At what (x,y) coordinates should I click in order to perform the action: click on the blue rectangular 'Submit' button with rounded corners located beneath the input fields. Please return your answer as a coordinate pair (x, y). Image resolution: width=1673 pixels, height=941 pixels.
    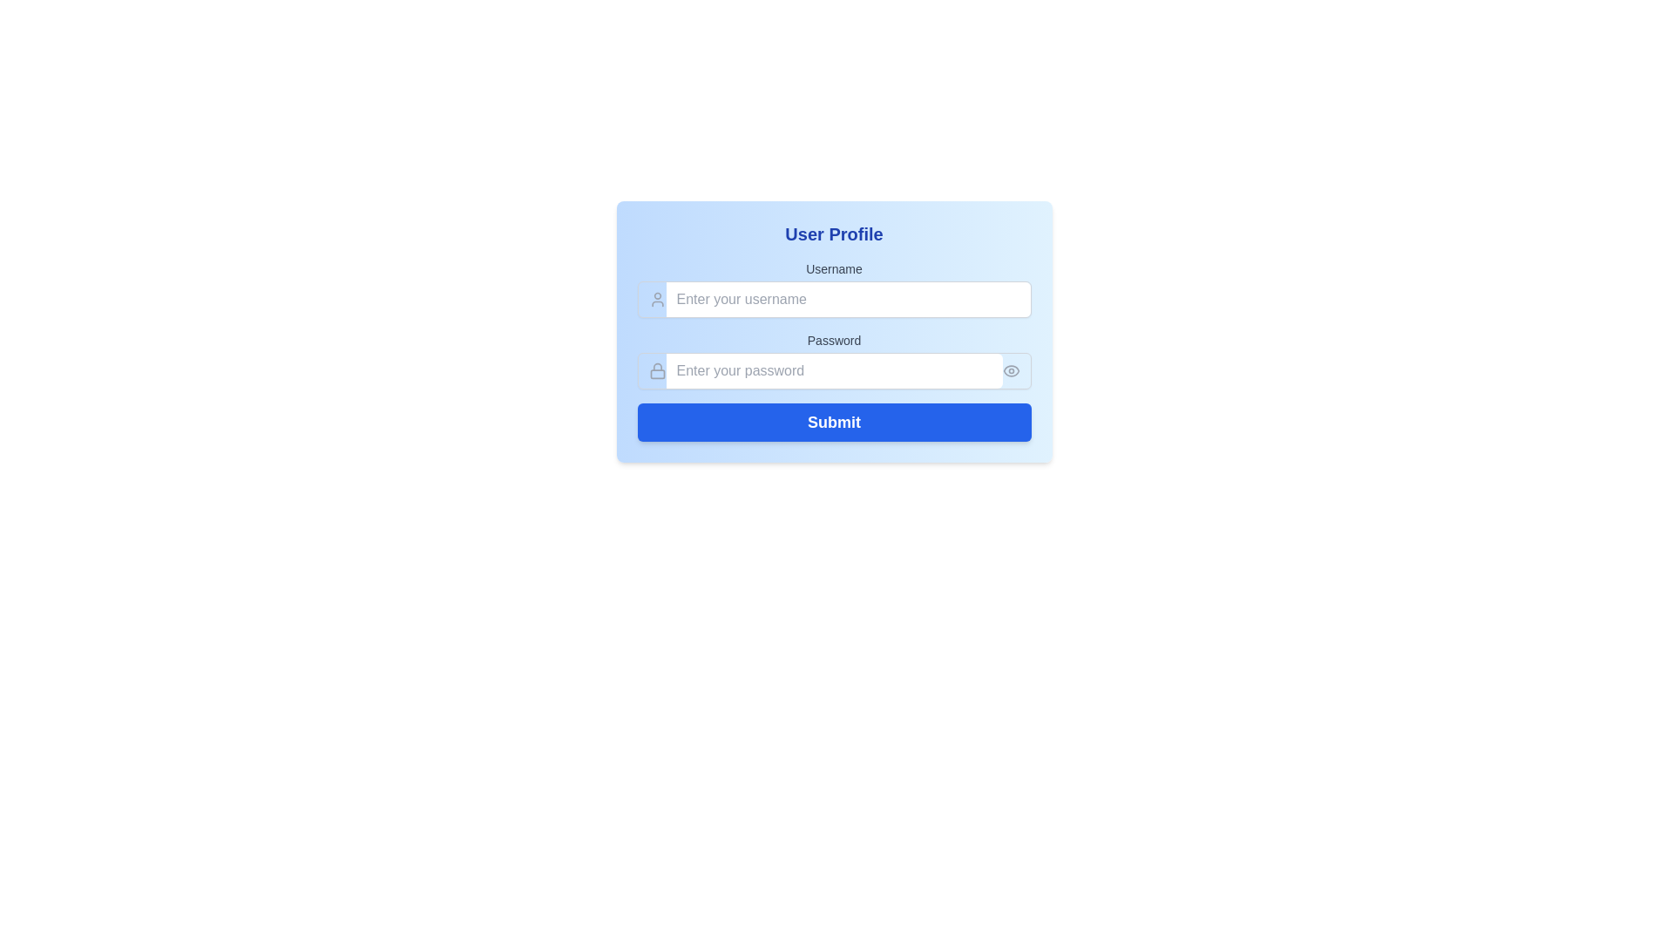
    Looking at the image, I should click on (833, 423).